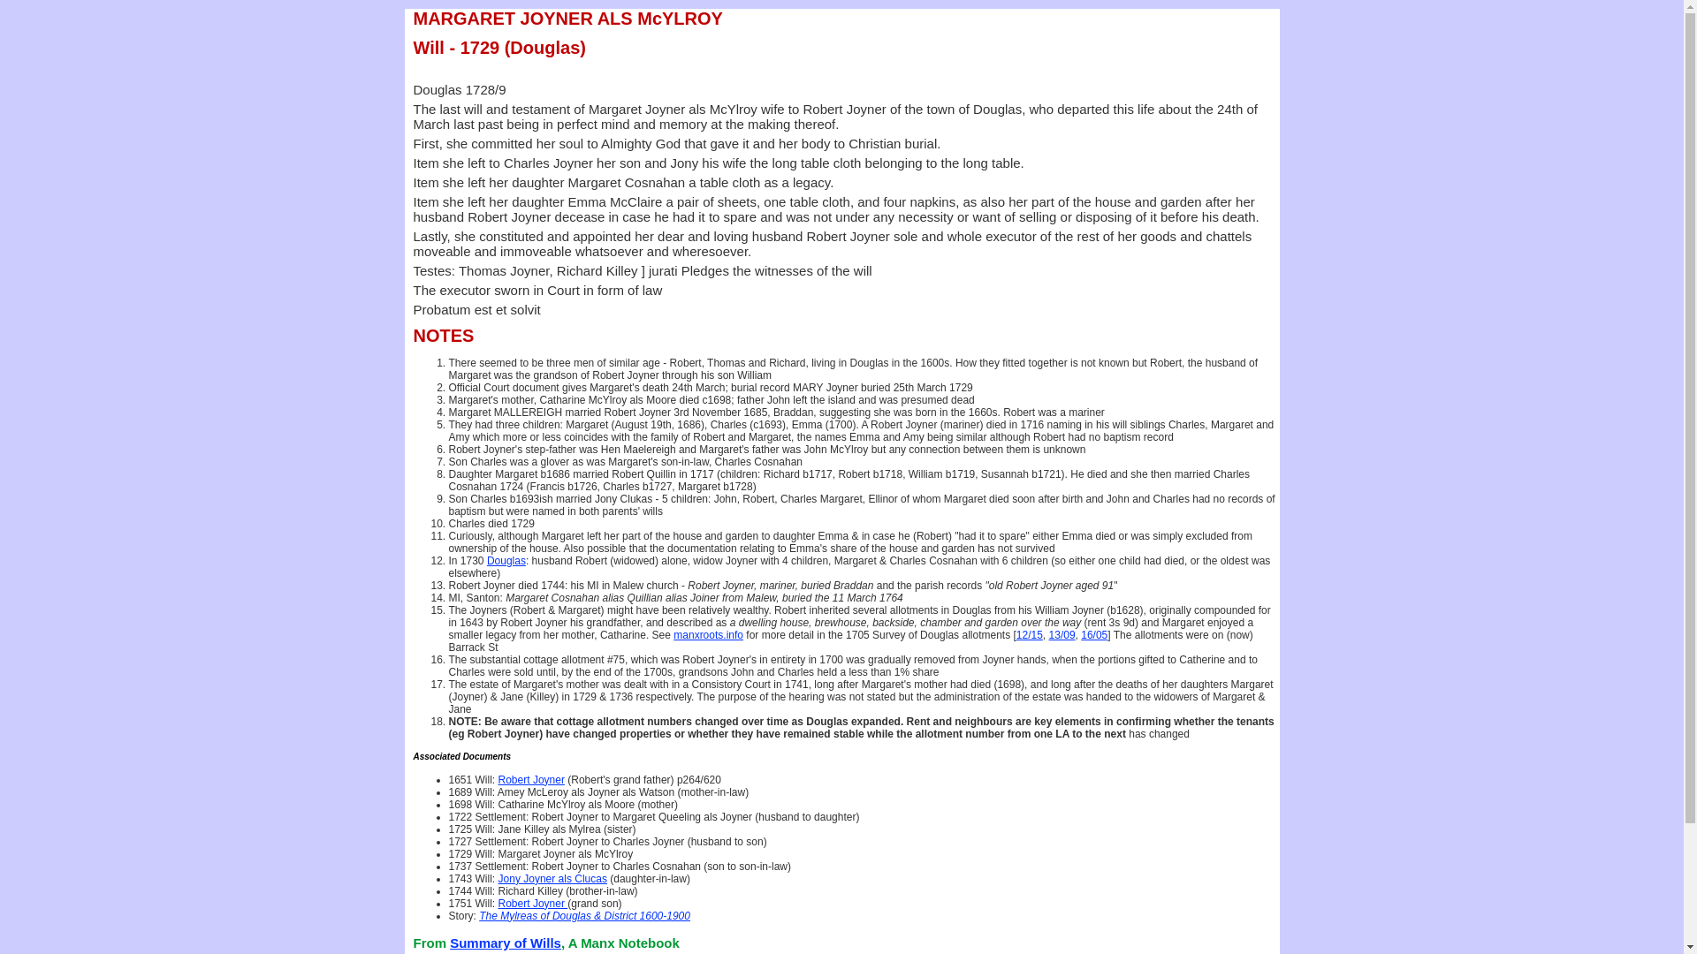  Describe the element at coordinates (552, 879) in the screenshot. I see `'Jony Joyner als Clucas'` at that location.